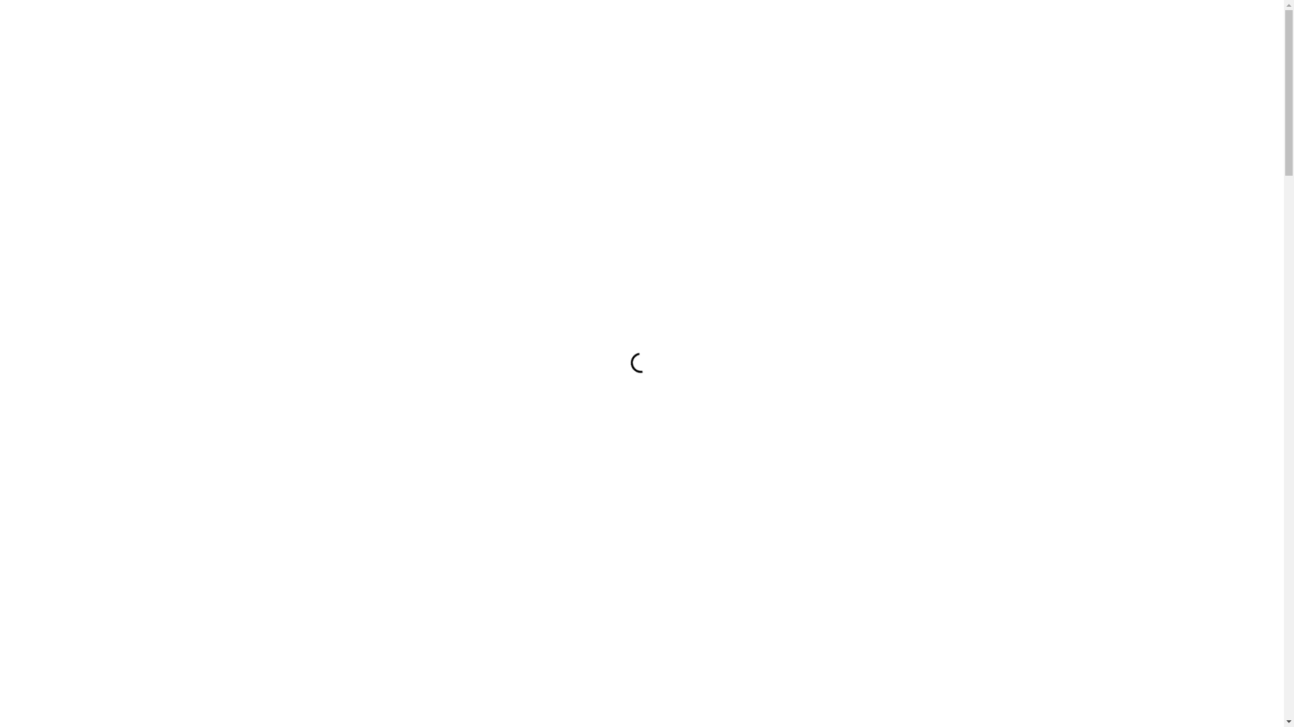  I want to click on 'Home', so click(16, 26).